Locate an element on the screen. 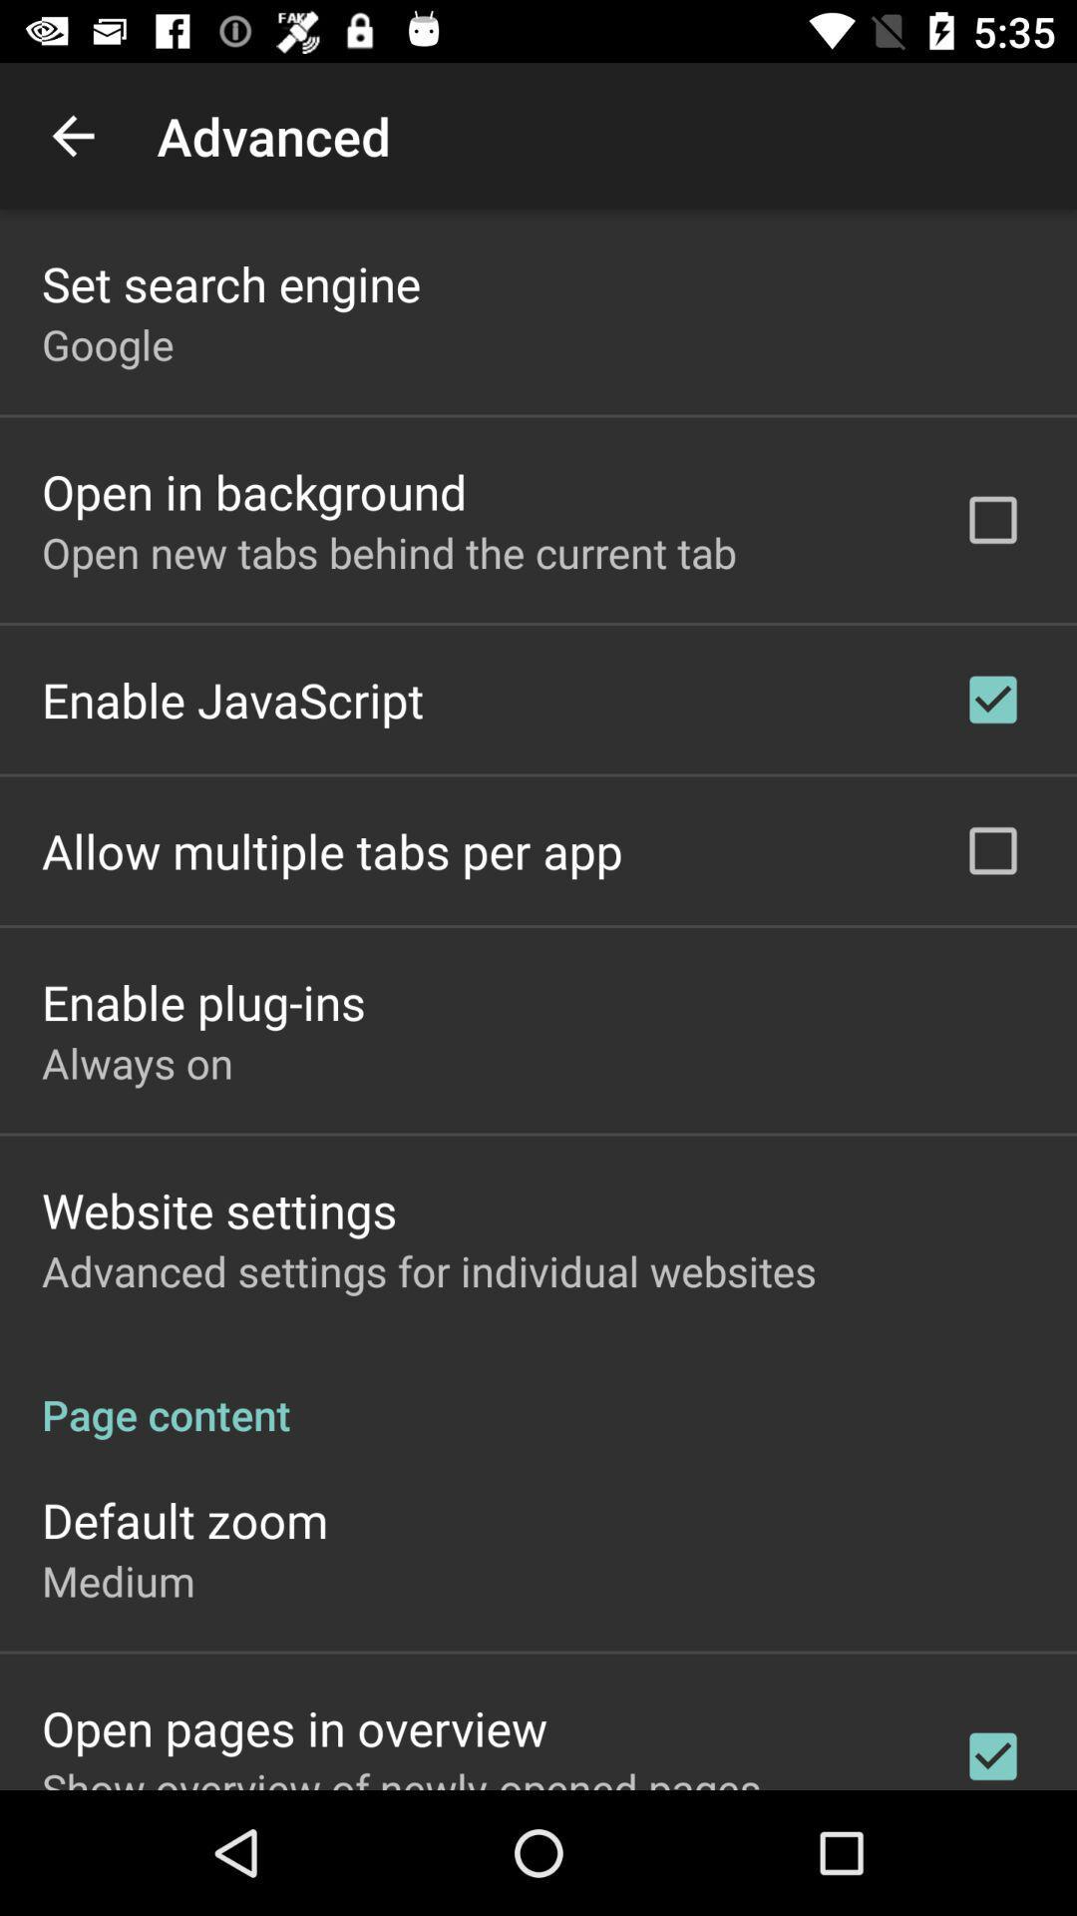 This screenshot has width=1077, height=1916. enable javascript item is located at coordinates (231, 700).